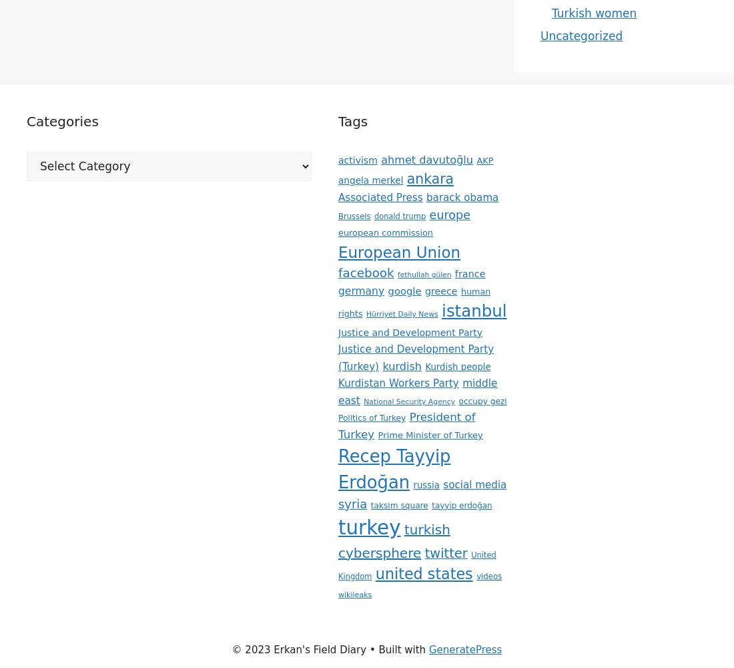  I want to click on 'videos', so click(488, 575).